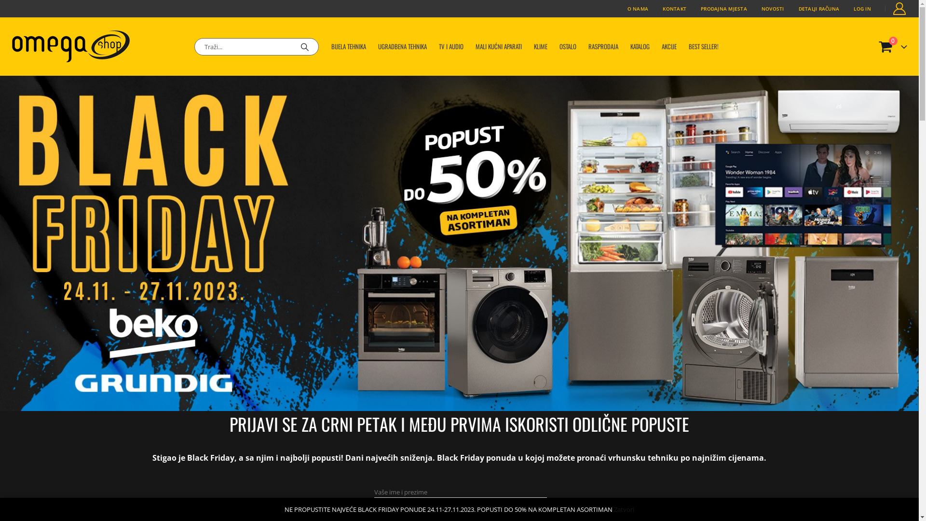 Image resolution: width=926 pixels, height=521 pixels. What do you see at coordinates (638, 9) in the screenshot?
I see `'O NAMA'` at bounding box center [638, 9].